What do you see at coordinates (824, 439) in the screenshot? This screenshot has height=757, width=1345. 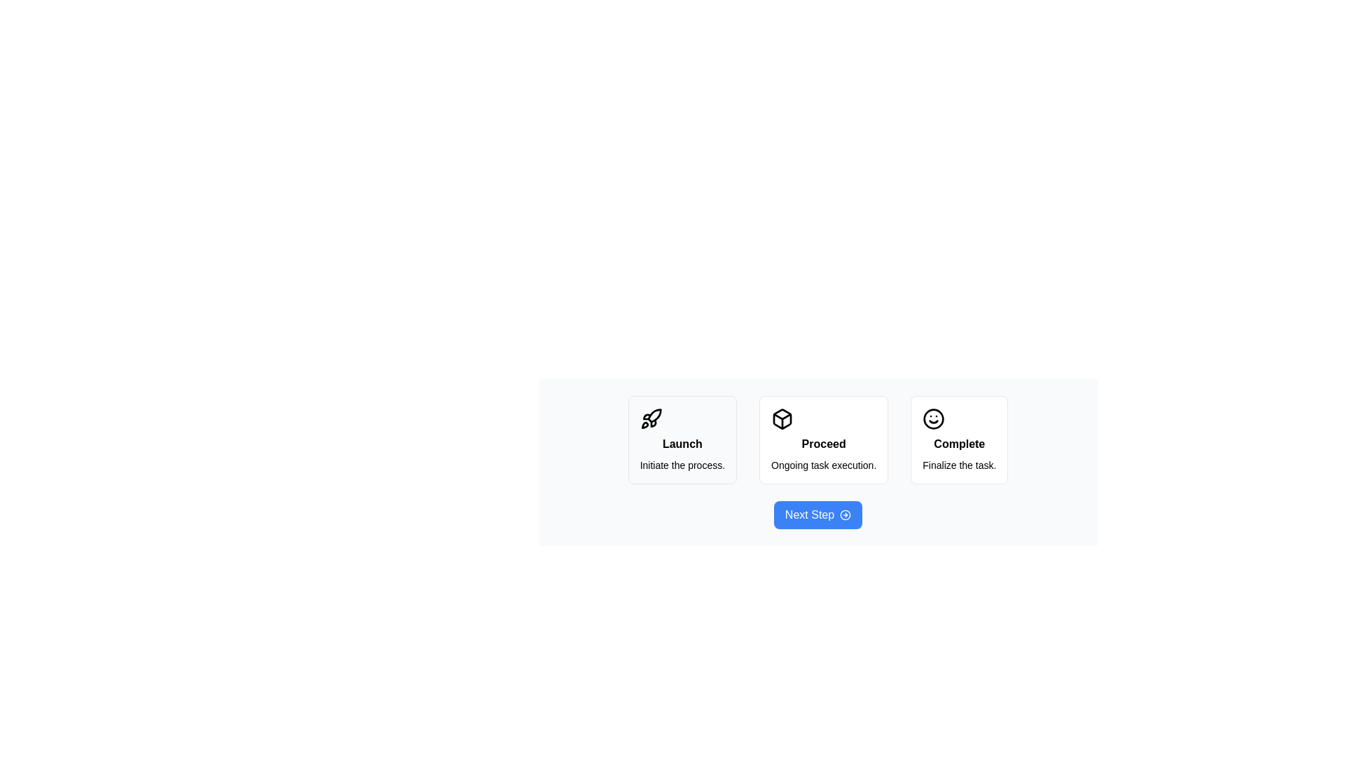 I see `the 'Proceed' card, which is the second card in a three-card layout, positioned between the 'Launch' card on the left and the 'Complete' card on the right` at bounding box center [824, 439].